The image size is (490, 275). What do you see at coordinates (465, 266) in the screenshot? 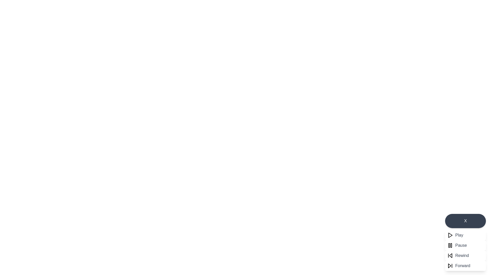
I see `the 'Forward' option in the MultimediaControlDial component` at bounding box center [465, 266].